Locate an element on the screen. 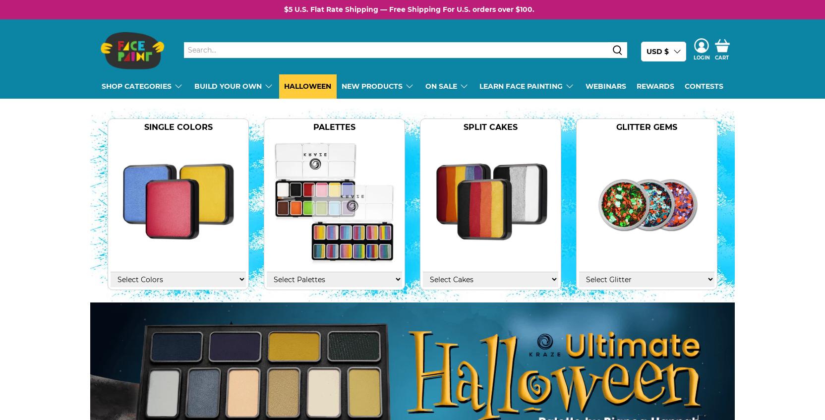 This screenshot has height=420, width=825. 'Halloween' is located at coordinates (307, 85).